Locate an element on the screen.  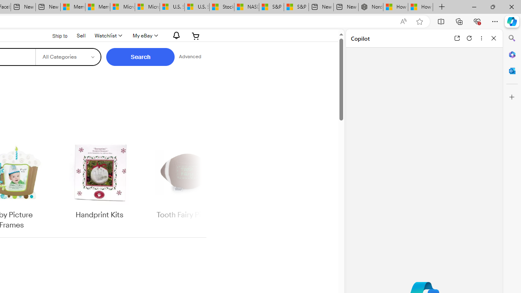
'Ship to' is located at coordinates (54, 36).